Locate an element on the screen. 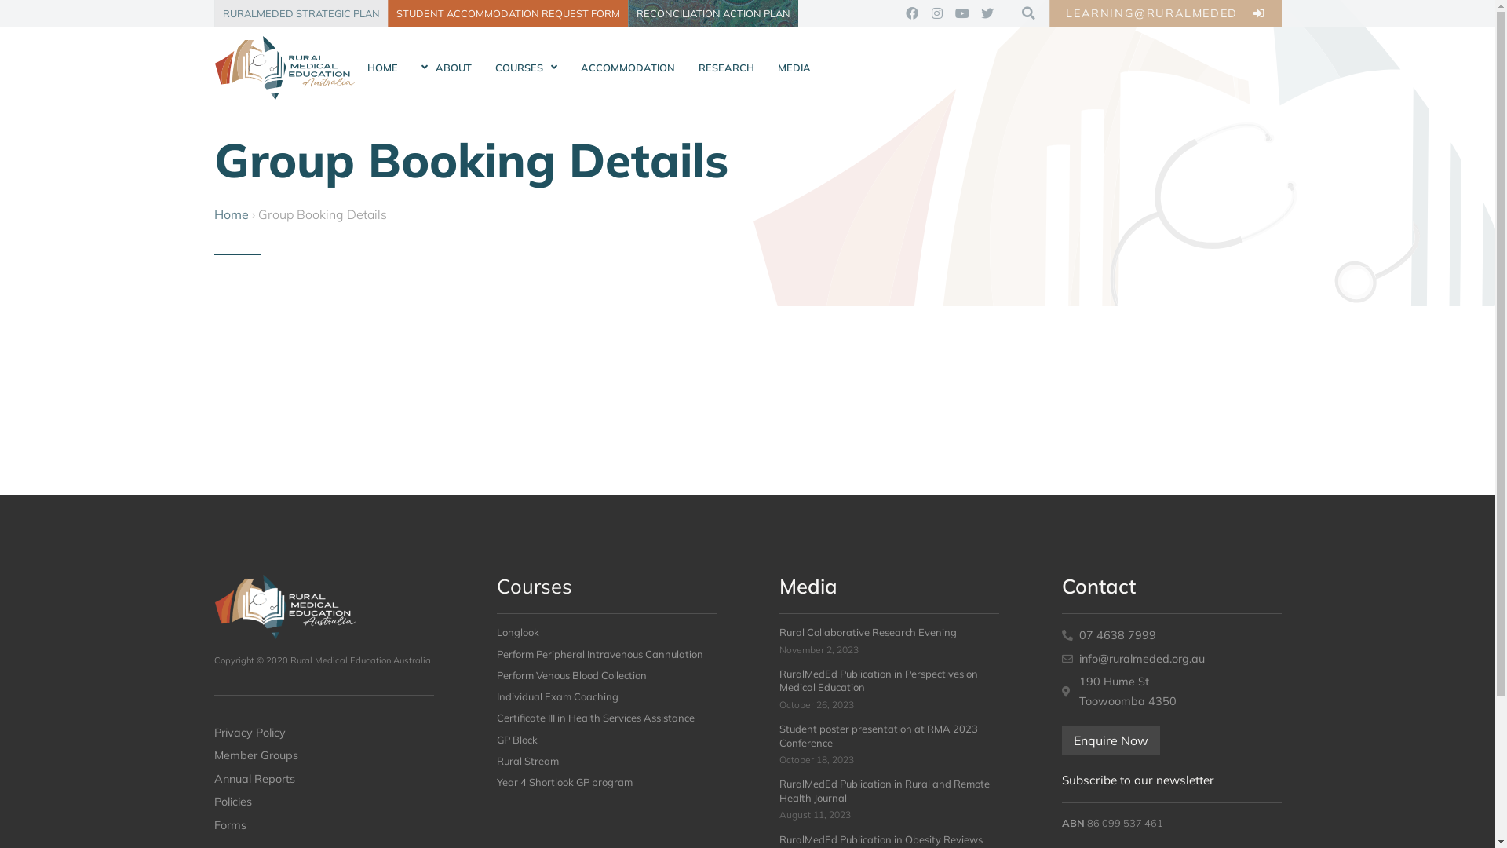  'RESEARCH' is located at coordinates (724, 68).